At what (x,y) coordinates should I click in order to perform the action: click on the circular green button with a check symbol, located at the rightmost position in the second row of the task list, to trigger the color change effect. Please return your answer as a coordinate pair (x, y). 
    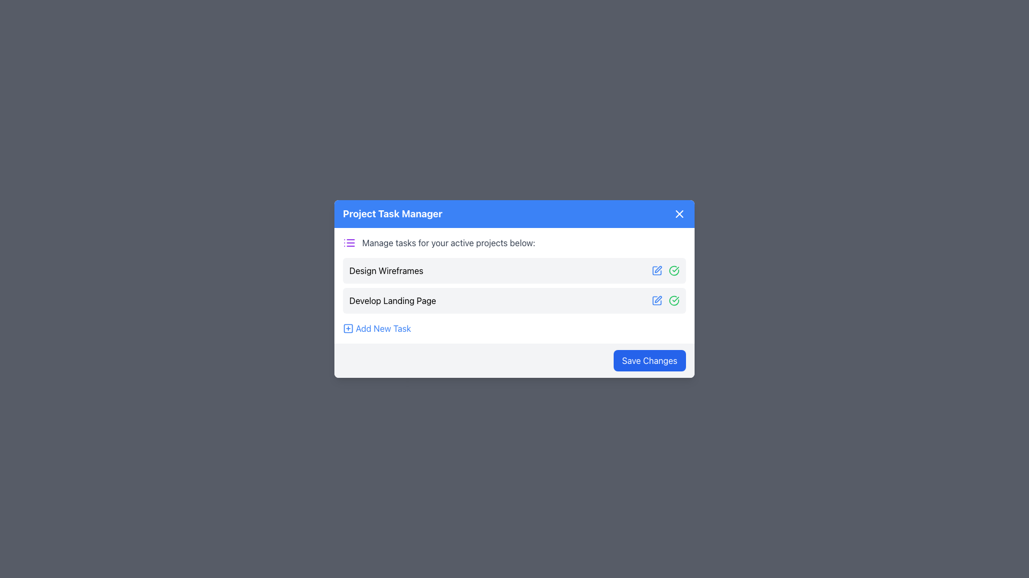
    Looking at the image, I should click on (673, 270).